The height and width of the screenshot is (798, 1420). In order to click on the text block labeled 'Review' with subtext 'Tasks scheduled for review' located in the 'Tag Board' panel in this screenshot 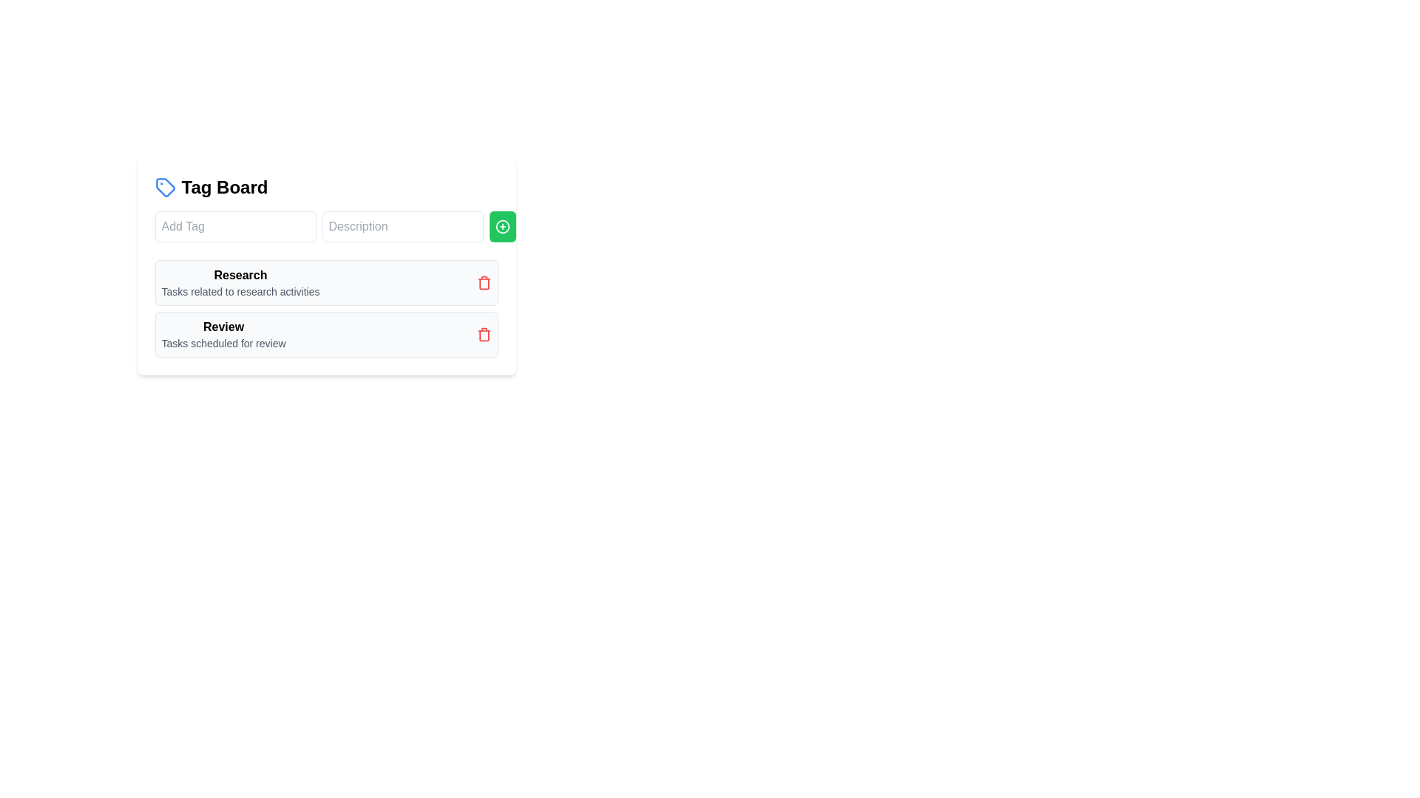, I will do `click(223, 334)`.